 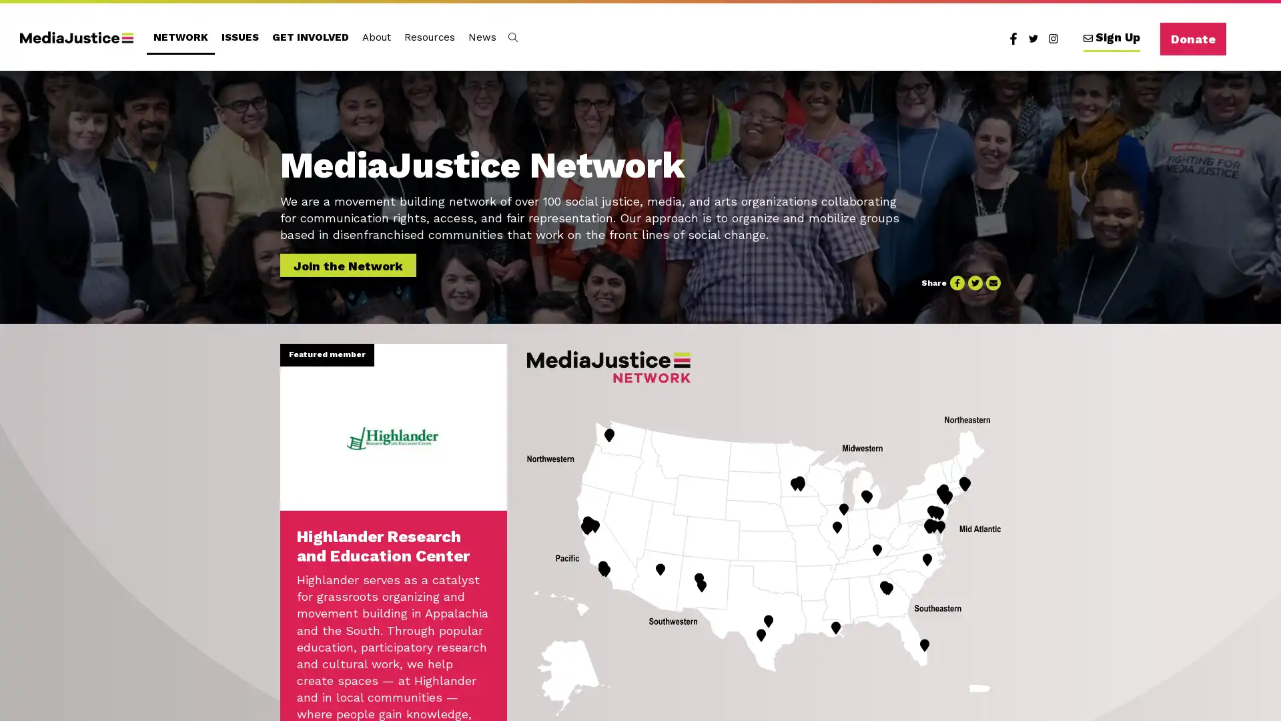 I want to click on Sign Up, so click(x=1112, y=37).